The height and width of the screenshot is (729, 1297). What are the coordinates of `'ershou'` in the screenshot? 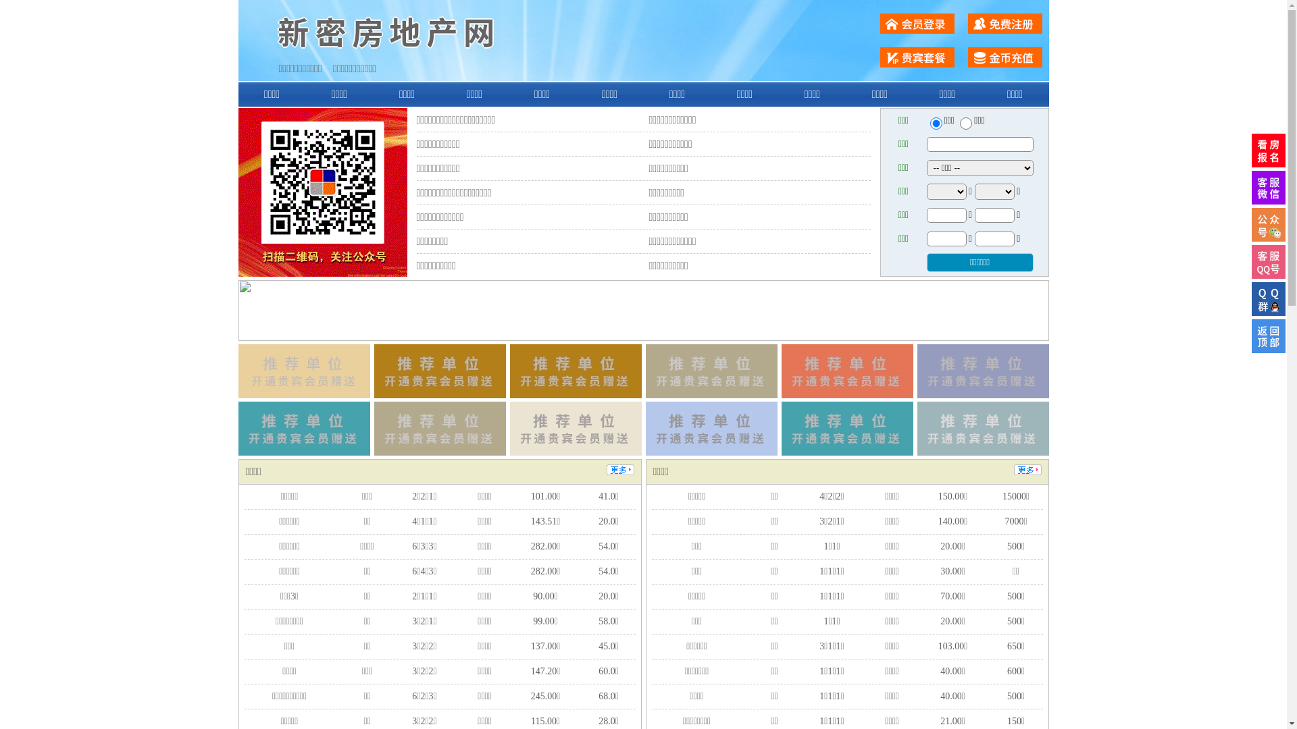 It's located at (935, 123).